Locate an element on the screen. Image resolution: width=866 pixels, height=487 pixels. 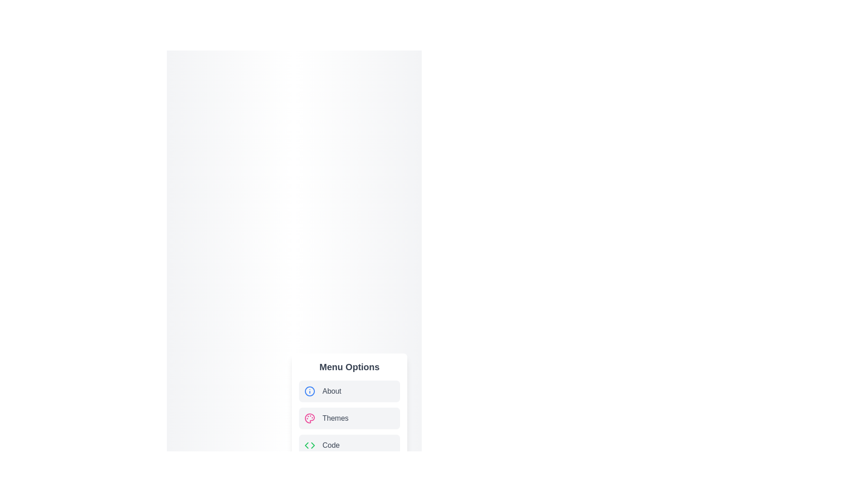
the green left-pointing triangular arrow in the 'Code' option icon is located at coordinates (307, 445).